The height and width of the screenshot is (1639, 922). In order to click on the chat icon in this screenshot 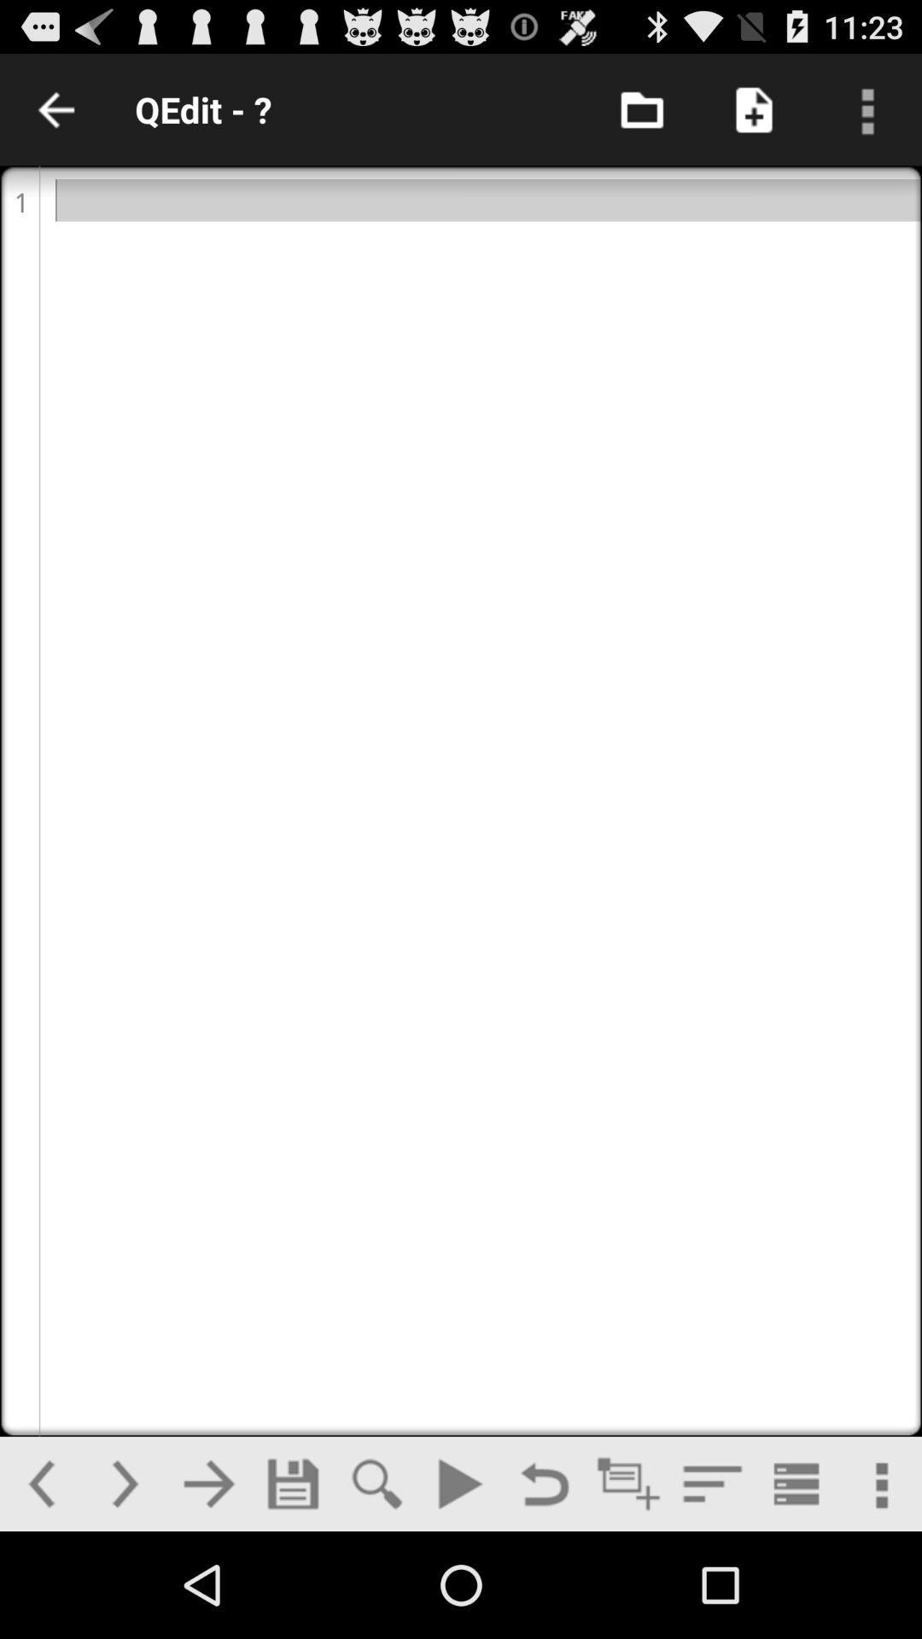, I will do `click(628, 1587)`.